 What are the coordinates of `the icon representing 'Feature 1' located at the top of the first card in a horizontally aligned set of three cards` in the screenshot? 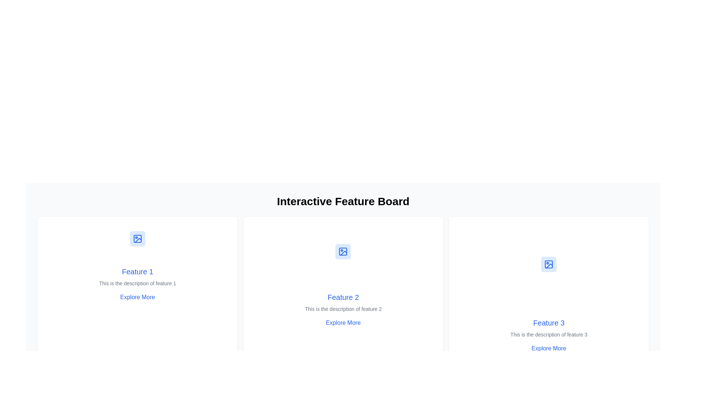 It's located at (137, 238).